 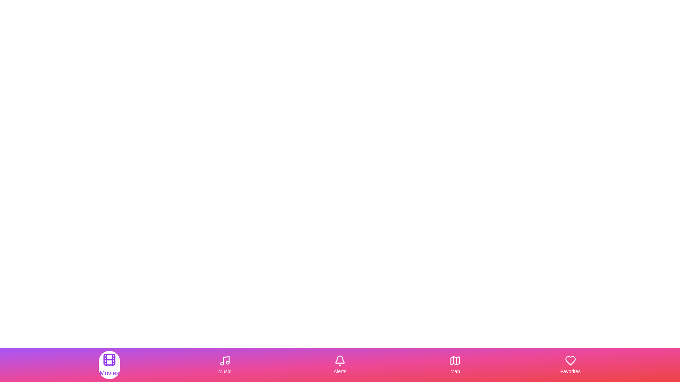 I want to click on the tab labeled Map in the MultimediaBottomNavigation component, so click(x=455, y=365).